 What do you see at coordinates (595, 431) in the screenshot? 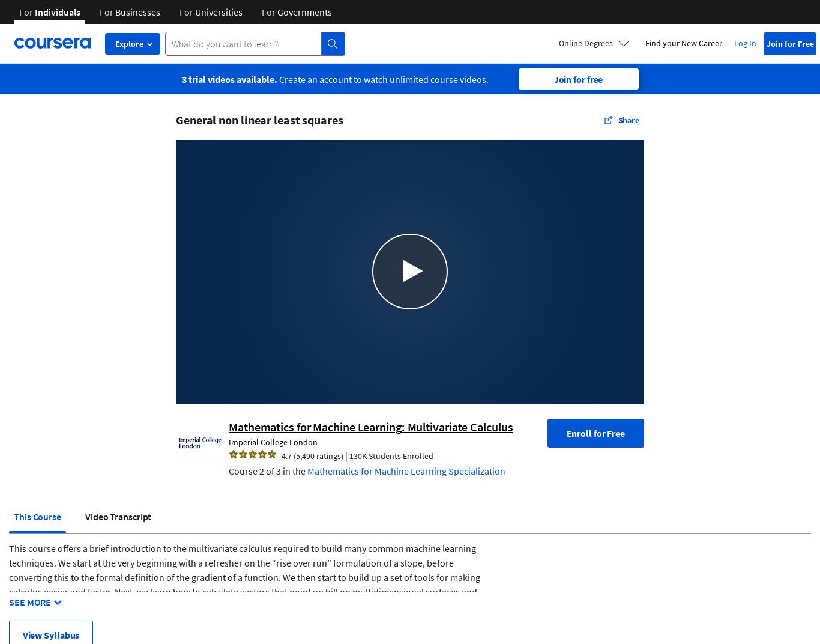
I see `'Enroll for Free'` at bounding box center [595, 431].